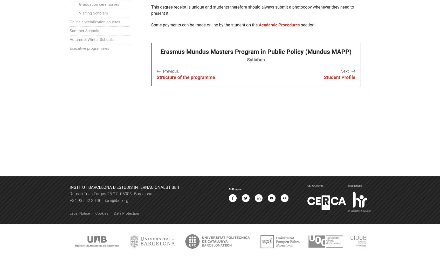 The image size is (440, 259). What do you see at coordinates (69, 31) in the screenshot?
I see `'Summer Schools'` at bounding box center [69, 31].